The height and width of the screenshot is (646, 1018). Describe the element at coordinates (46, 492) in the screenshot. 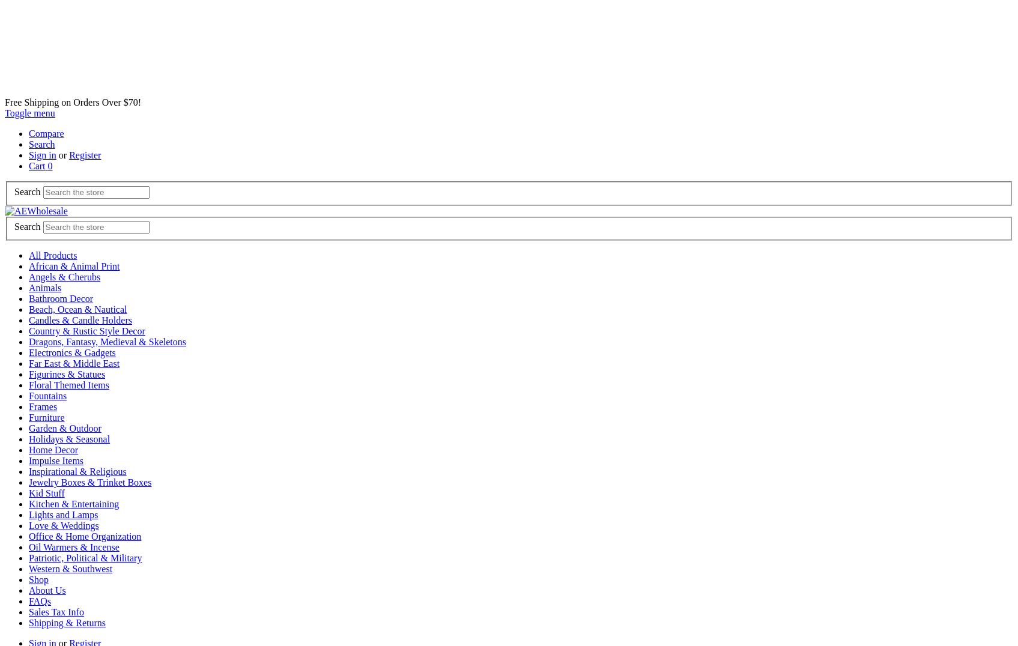

I see `'Kid Stuff'` at that location.